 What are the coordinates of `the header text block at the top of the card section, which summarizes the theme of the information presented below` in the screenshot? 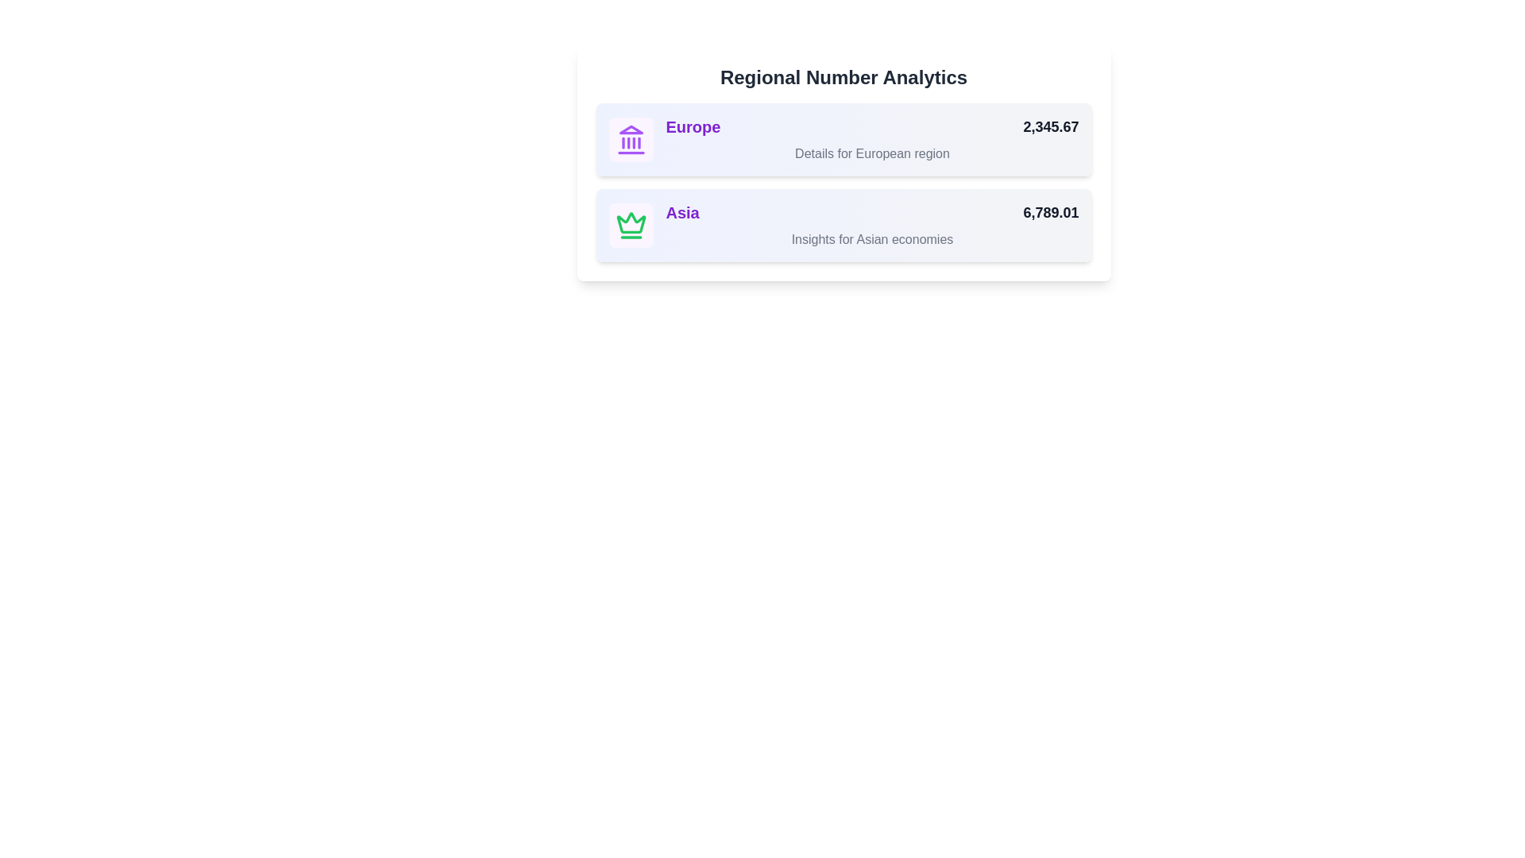 It's located at (843, 77).